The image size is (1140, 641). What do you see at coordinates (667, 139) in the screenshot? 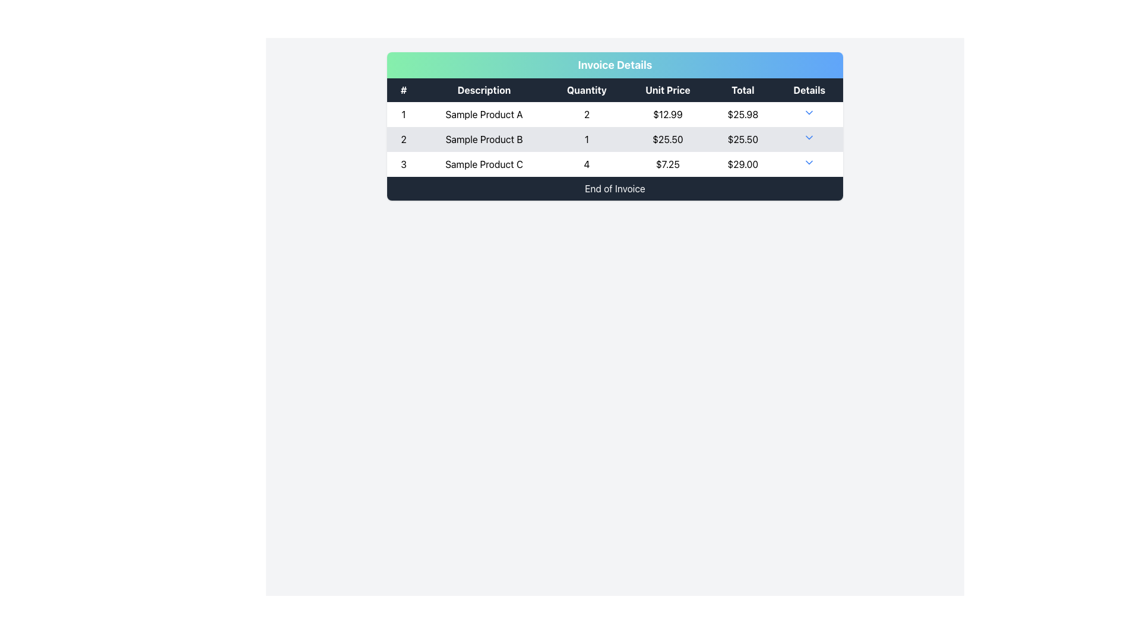
I see `text content from the text display showing '$25.50' located under the 'Unit Price' column in the second row of the table` at bounding box center [667, 139].